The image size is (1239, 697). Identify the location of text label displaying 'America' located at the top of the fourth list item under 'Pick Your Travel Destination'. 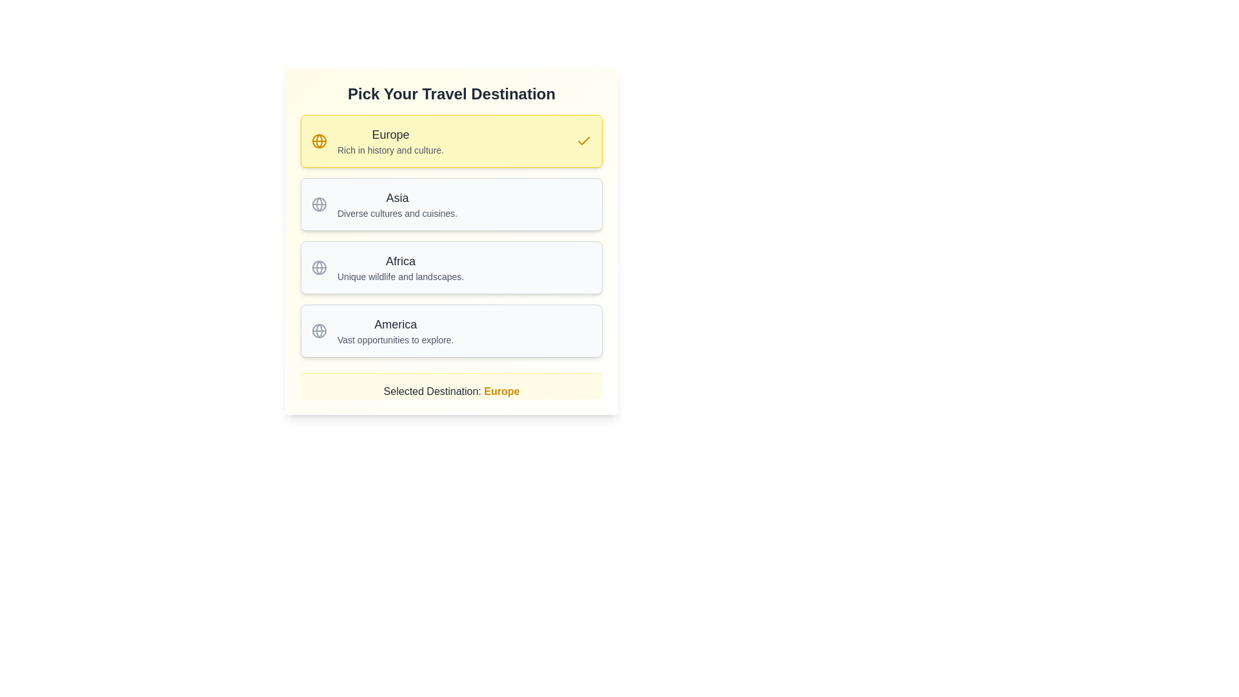
(395, 323).